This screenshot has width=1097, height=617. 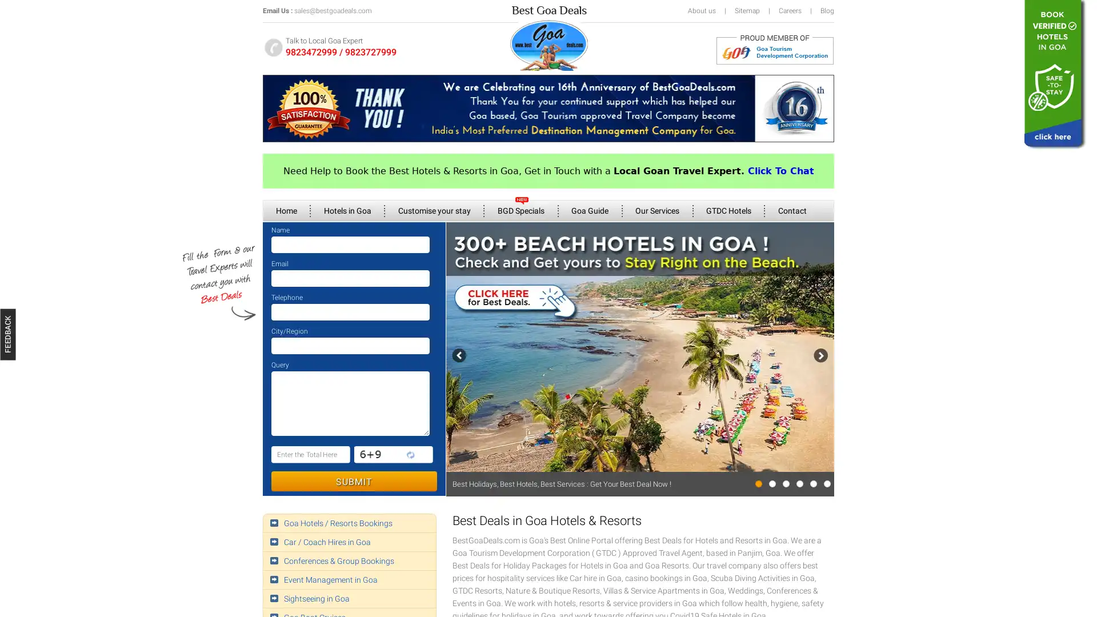 I want to click on SUBMIT, so click(x=353, y=481).